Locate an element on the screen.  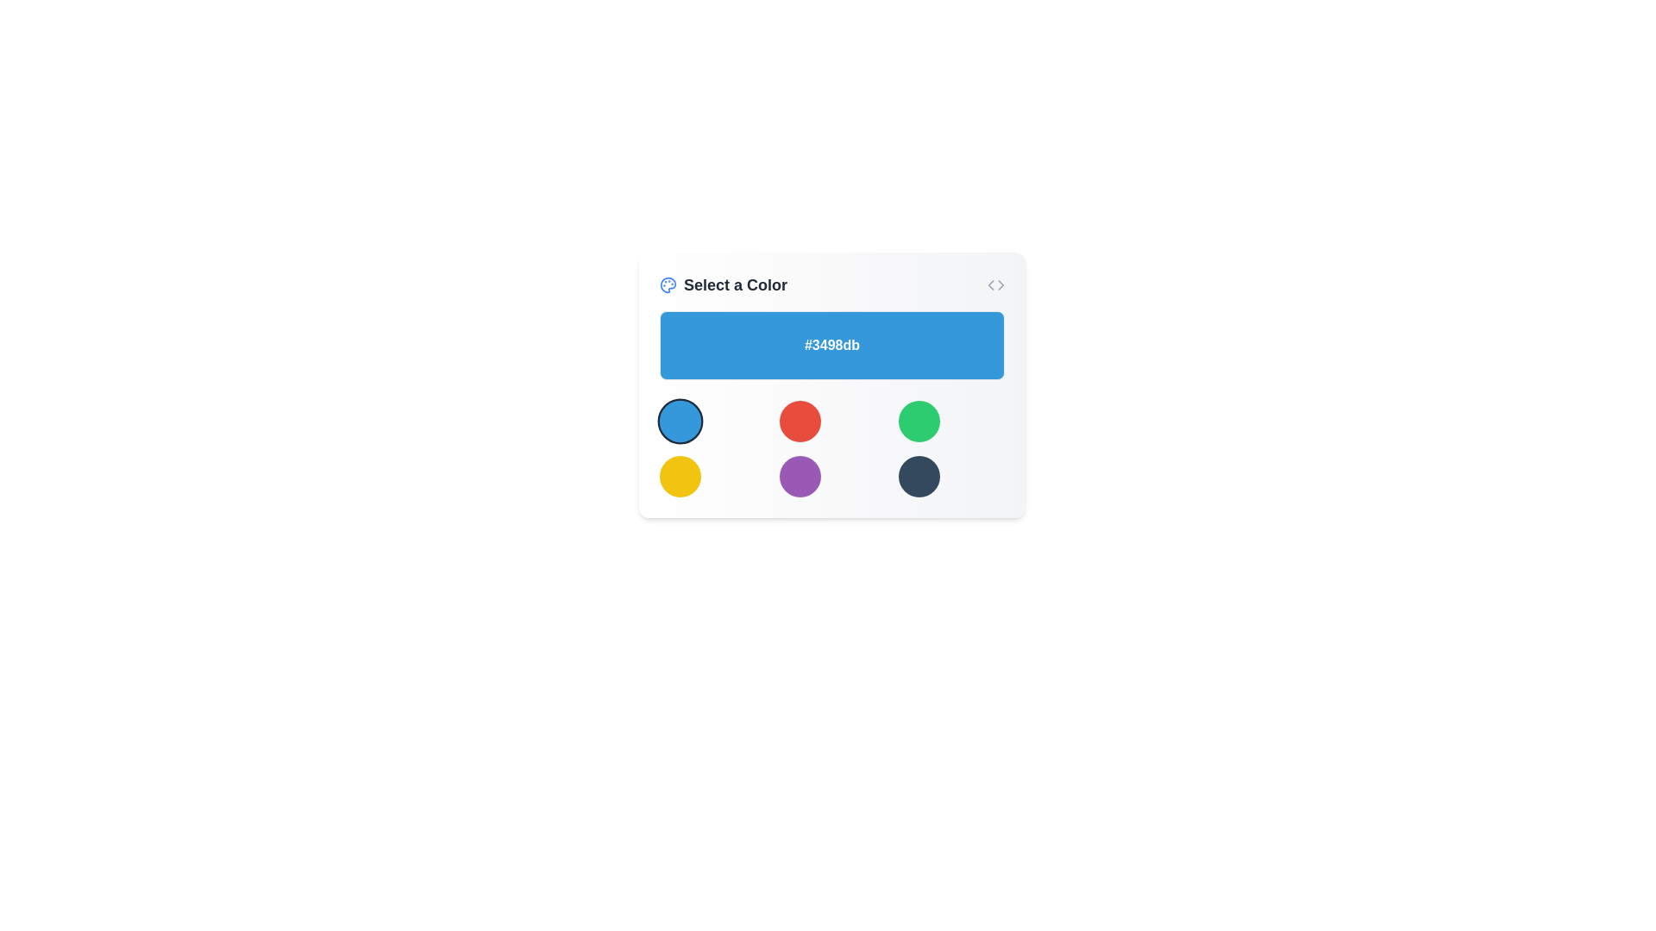
the circular yellow color selection button located in the grid layout, positioned in the second row as the first item is located at coordinates (679, 476).